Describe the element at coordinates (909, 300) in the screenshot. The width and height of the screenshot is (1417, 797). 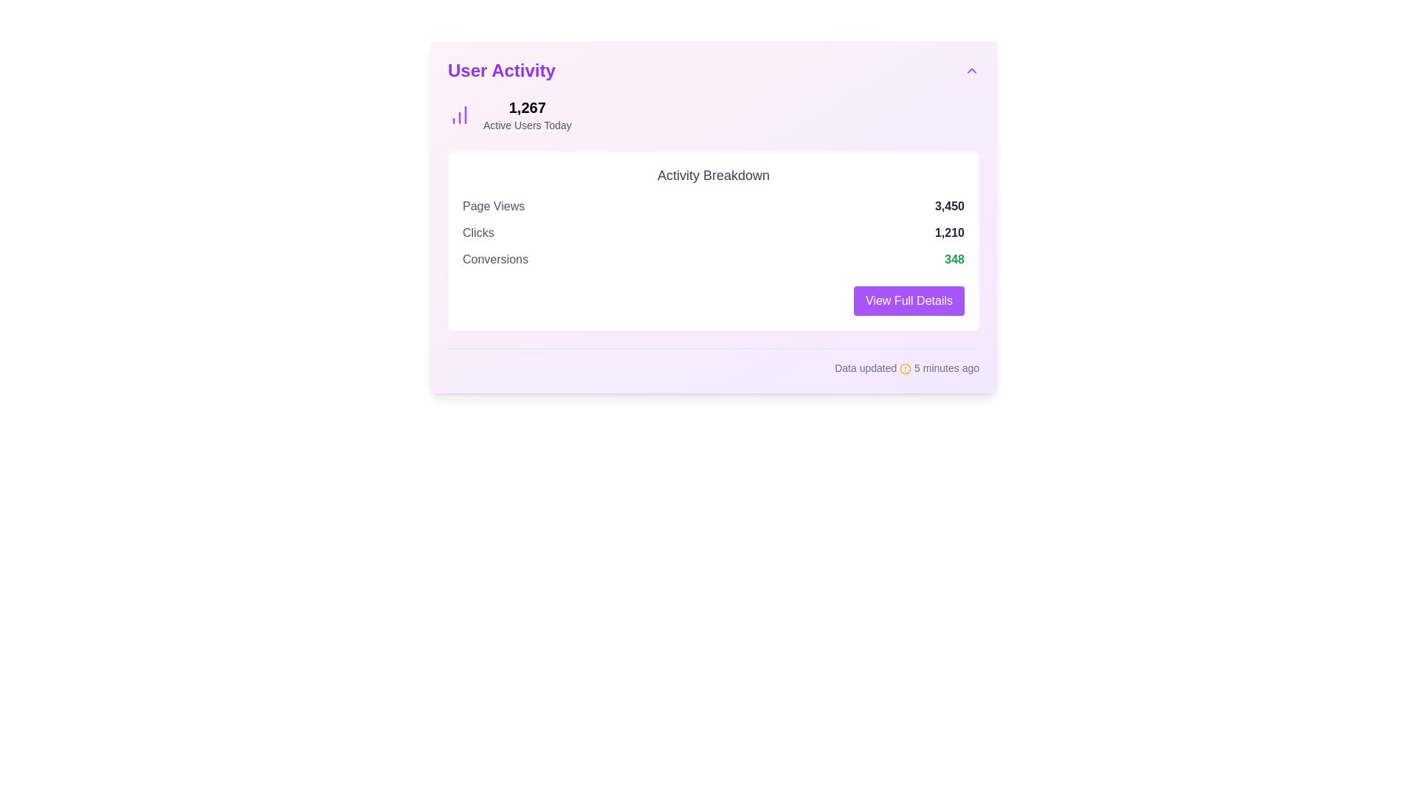
I see `the rectangular button with a purple background and white text that reads 'View Full Details' located at the bottom right corner of the user activity card` at that location.